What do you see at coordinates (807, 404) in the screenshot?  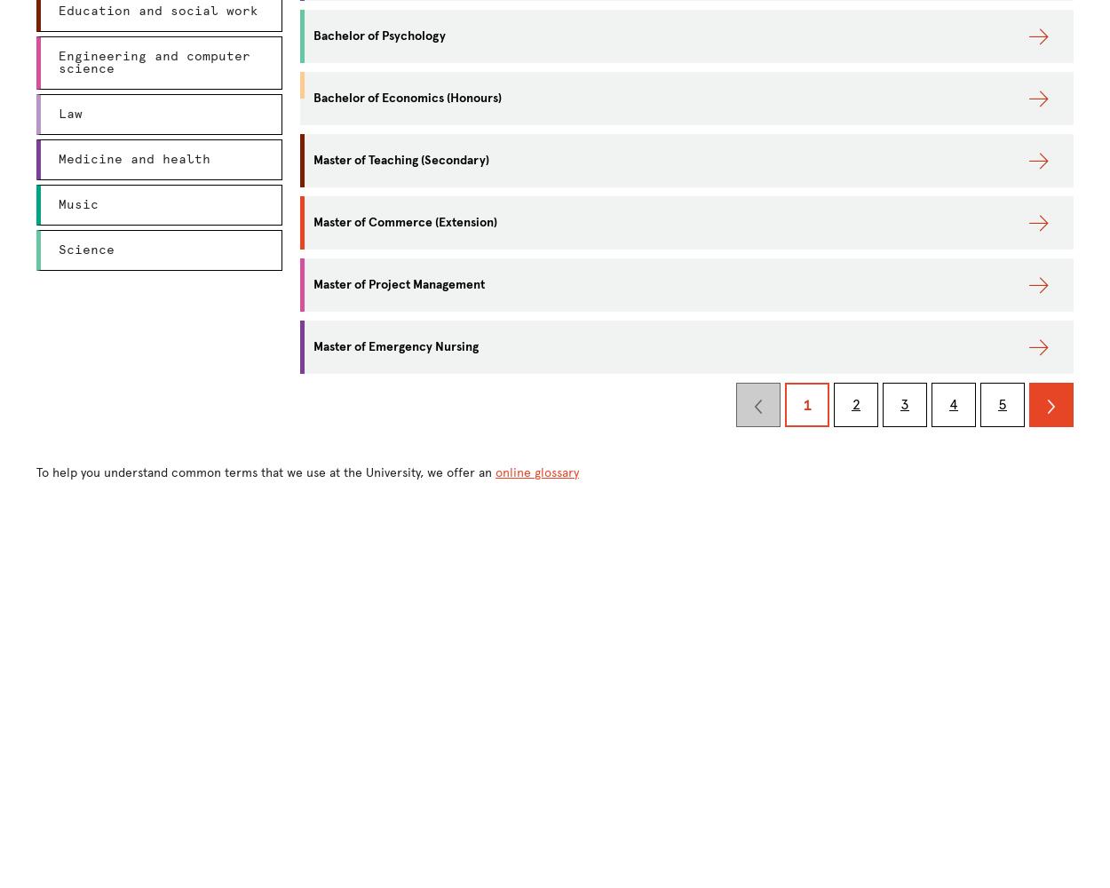 I see `'1'` at bounding box center [807, 404].